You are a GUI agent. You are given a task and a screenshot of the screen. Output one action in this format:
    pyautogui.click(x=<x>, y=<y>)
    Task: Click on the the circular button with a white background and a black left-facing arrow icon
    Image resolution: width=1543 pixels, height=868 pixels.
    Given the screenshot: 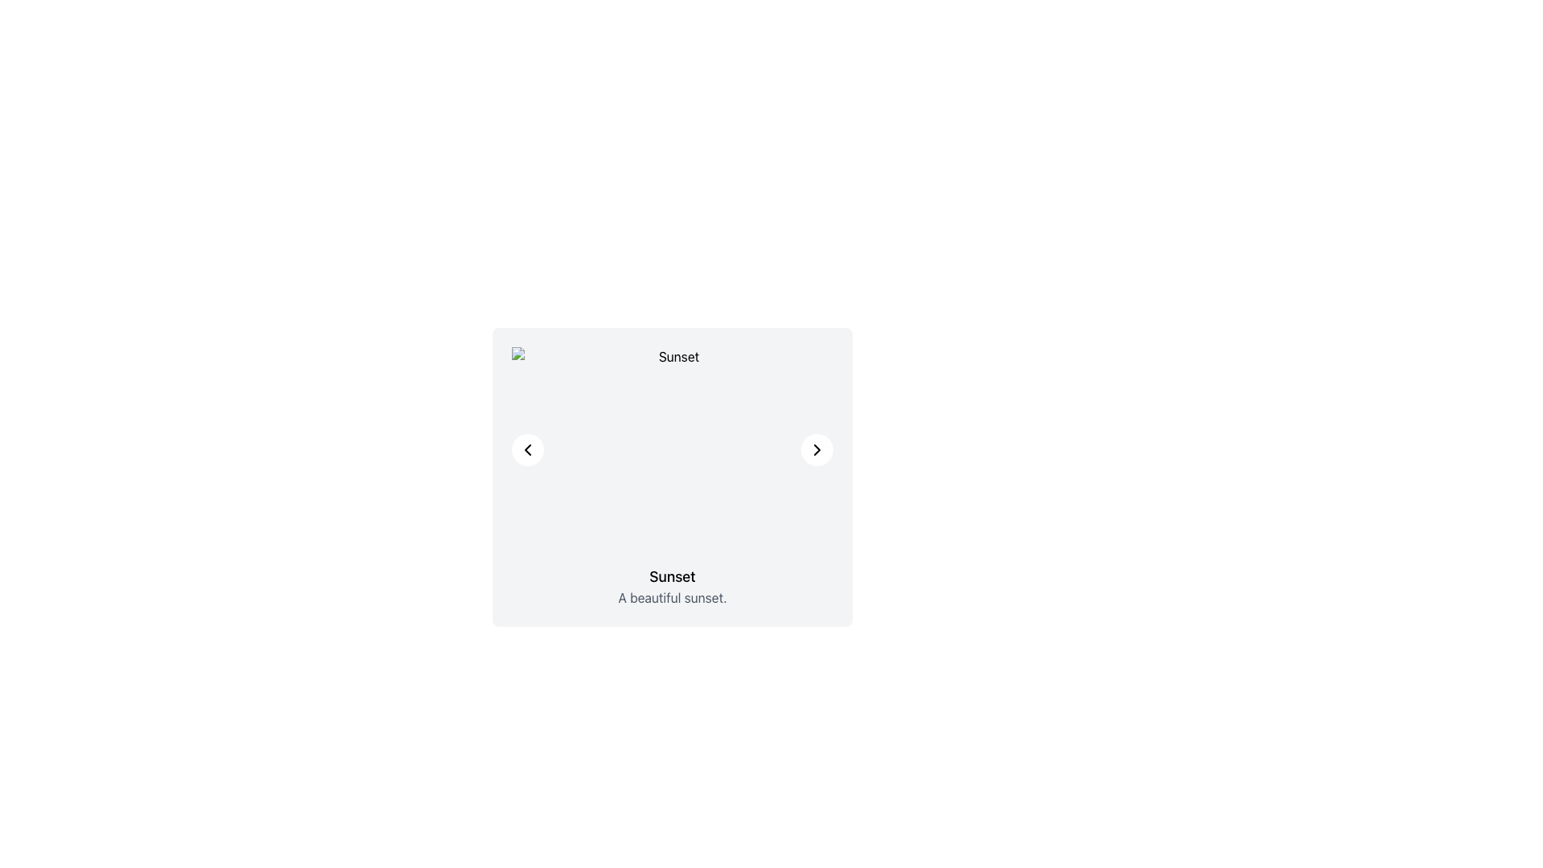 What is the action you would take?
    pyautogui.click(x=528, y=449)
    